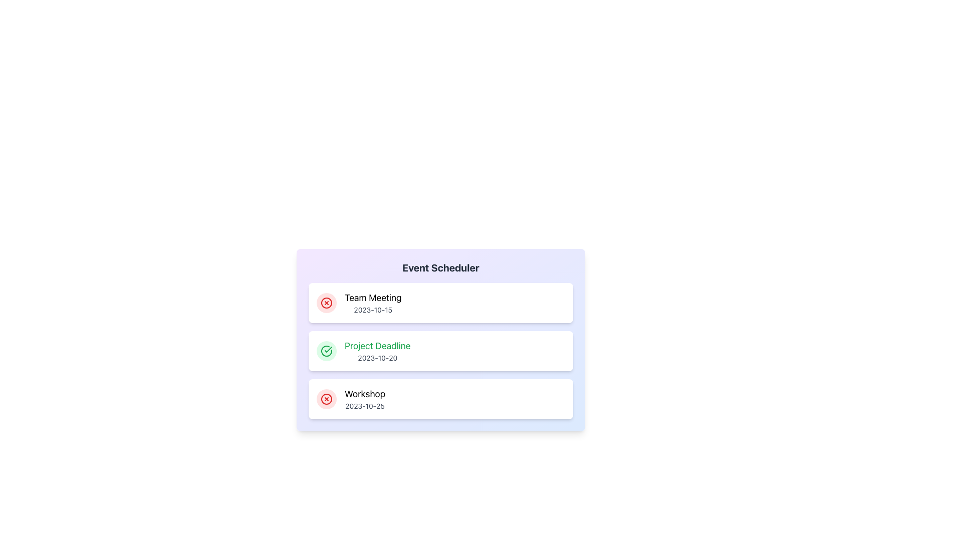  What do you see at coordinates (364, 406) in the screenshot?
I see `date displayed in the 'Workshop' entry of the Event Scheduler, which is located directly below the title 'Workshop'` at bounding box center [364, 406].